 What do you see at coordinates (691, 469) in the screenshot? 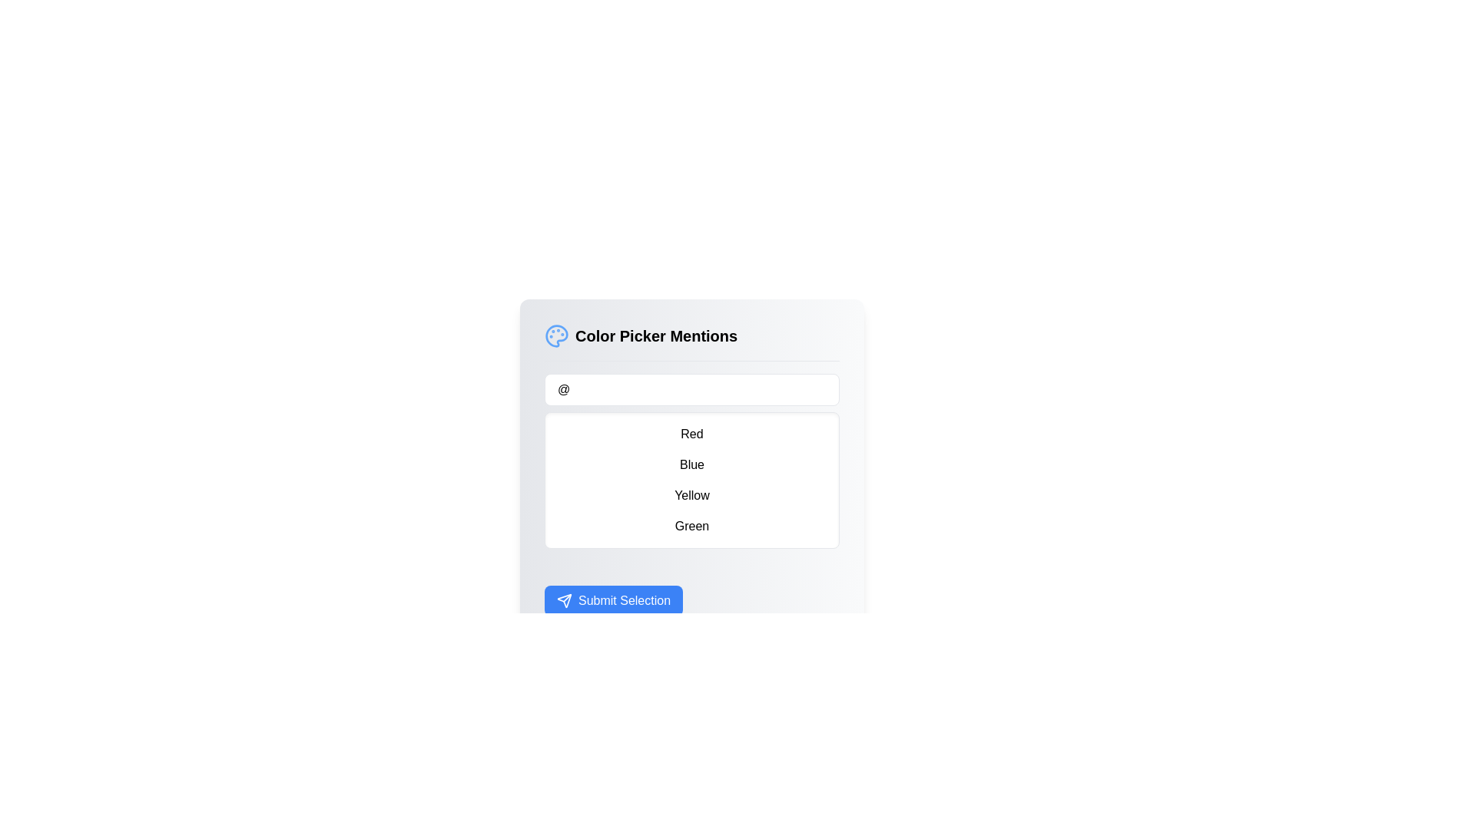
I see `the color selection option within the 'Color Picker Mentions' interactive panel` at bounding box center [691, 469].